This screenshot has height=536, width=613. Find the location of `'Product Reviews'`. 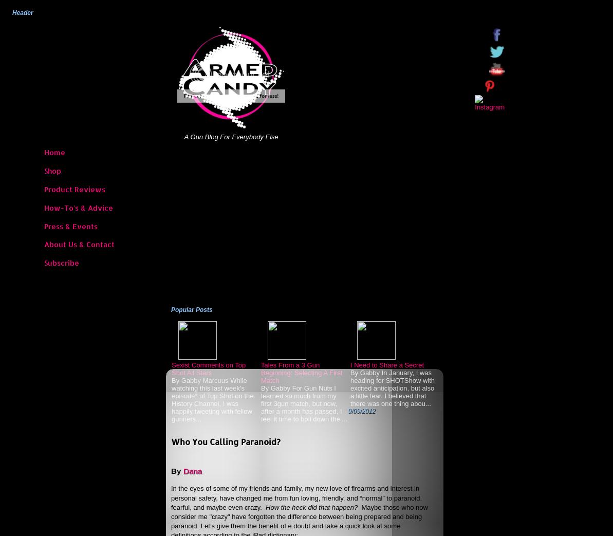

'Product Reviews' is located at coordinates (75, 189).